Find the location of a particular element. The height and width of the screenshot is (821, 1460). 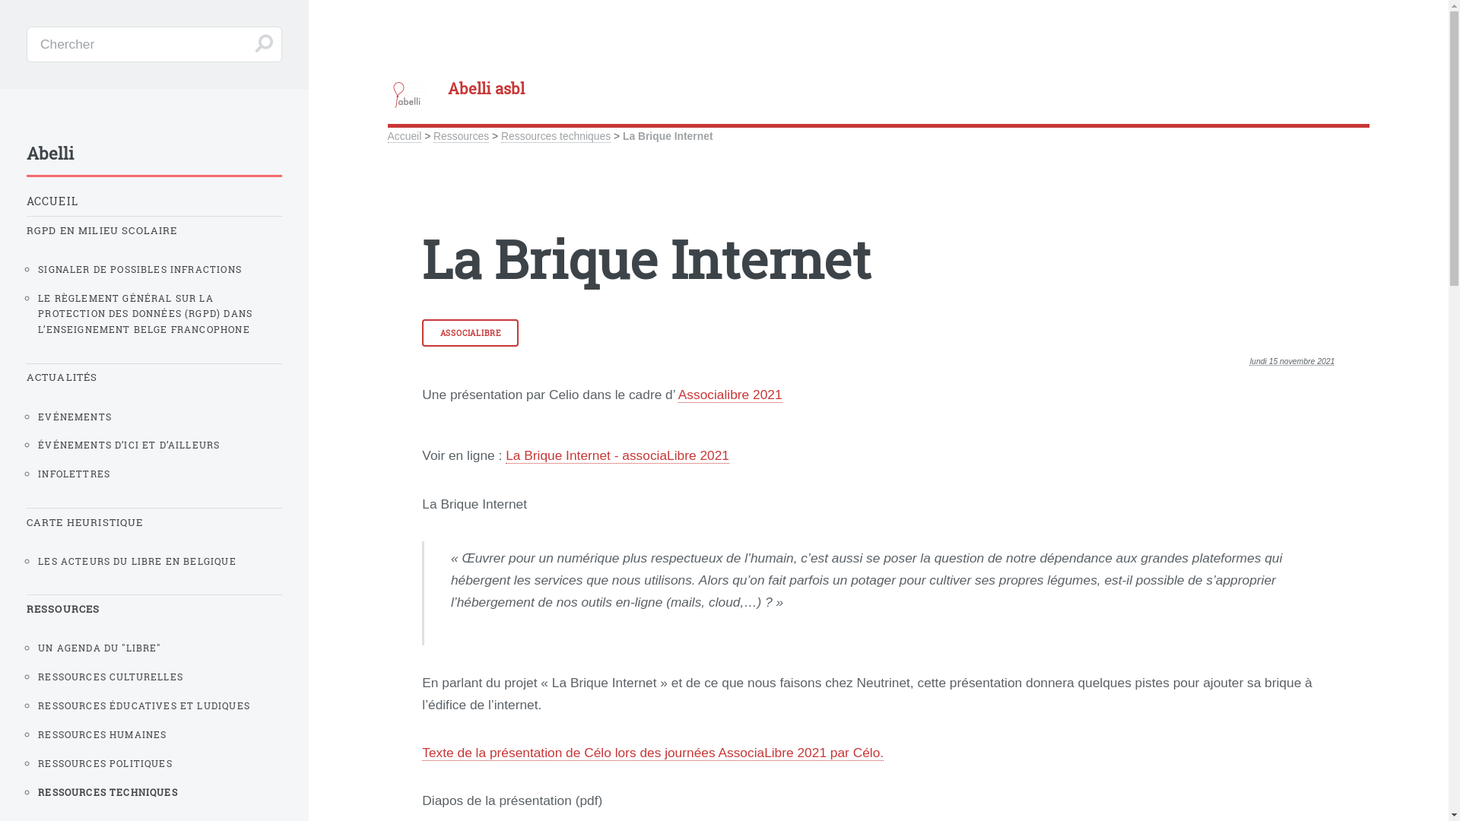

'Ressources' is located at coordinates (460, 135).